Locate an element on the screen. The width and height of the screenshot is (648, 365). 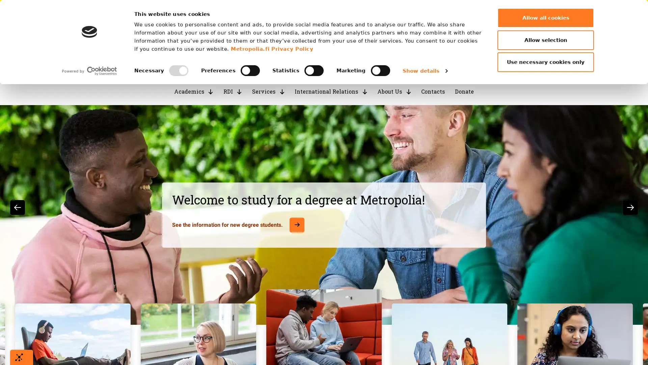
Allow selection is located at coordinates (546, 40).